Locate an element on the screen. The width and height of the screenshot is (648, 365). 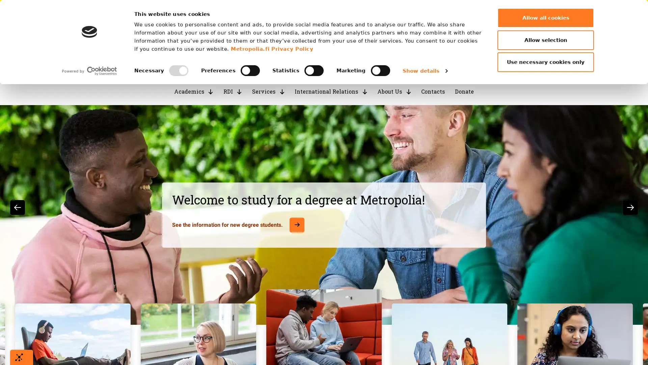
Allow selection is located at coordinates (546, 40).